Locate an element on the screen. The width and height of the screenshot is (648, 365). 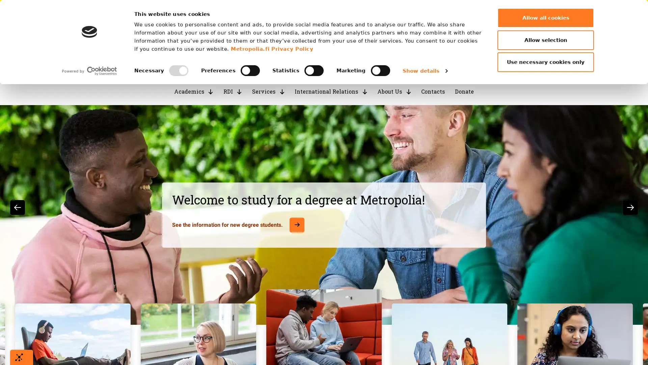
Allow selection is located at coordinates (546, 40).